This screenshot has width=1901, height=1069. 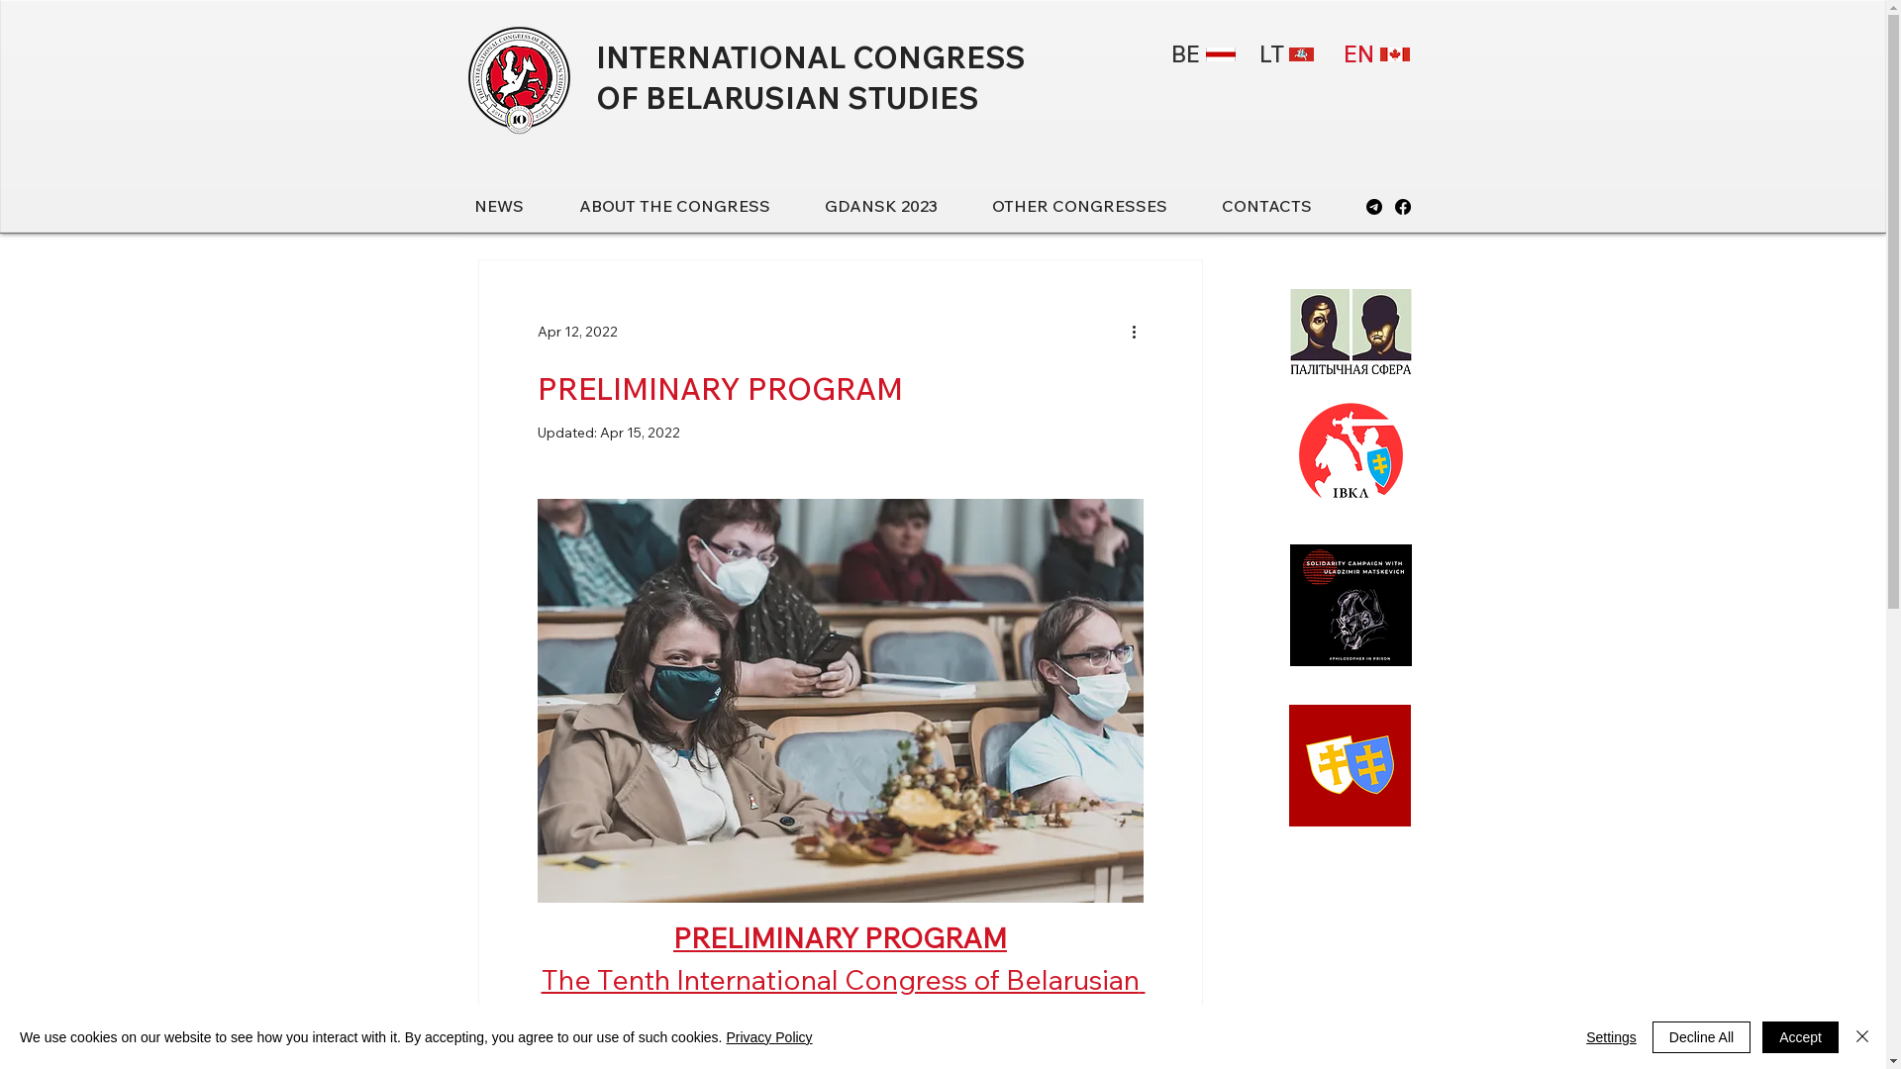 What do you see at coordinates (767, 1036) in the screenshot?
I see `'Privacy Policy'` at bounding box center [767, 1036].